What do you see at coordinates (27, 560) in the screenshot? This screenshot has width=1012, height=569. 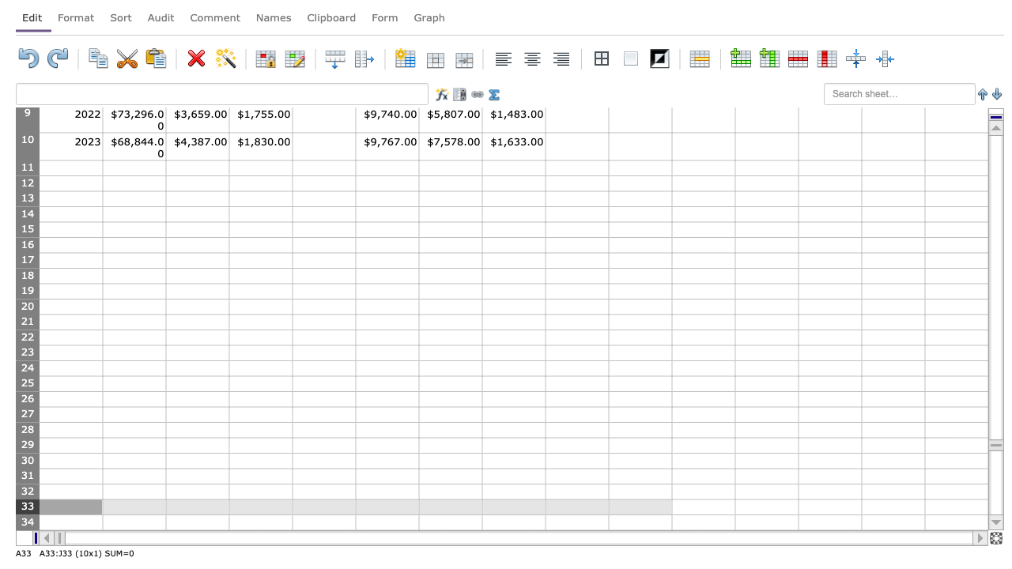 I see `the bottom edge of row 36 header to resize` at bounding box center [27, 560].